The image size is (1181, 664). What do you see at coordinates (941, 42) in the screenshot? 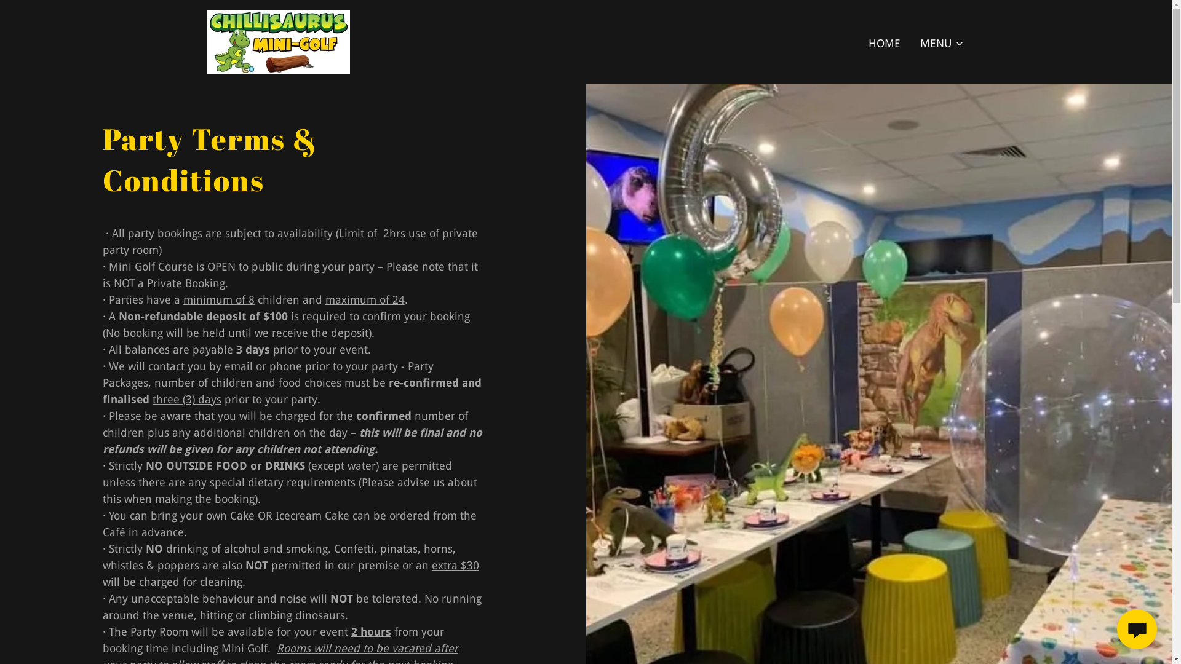
I see `'MENU'` at bounding box center [941, 42].